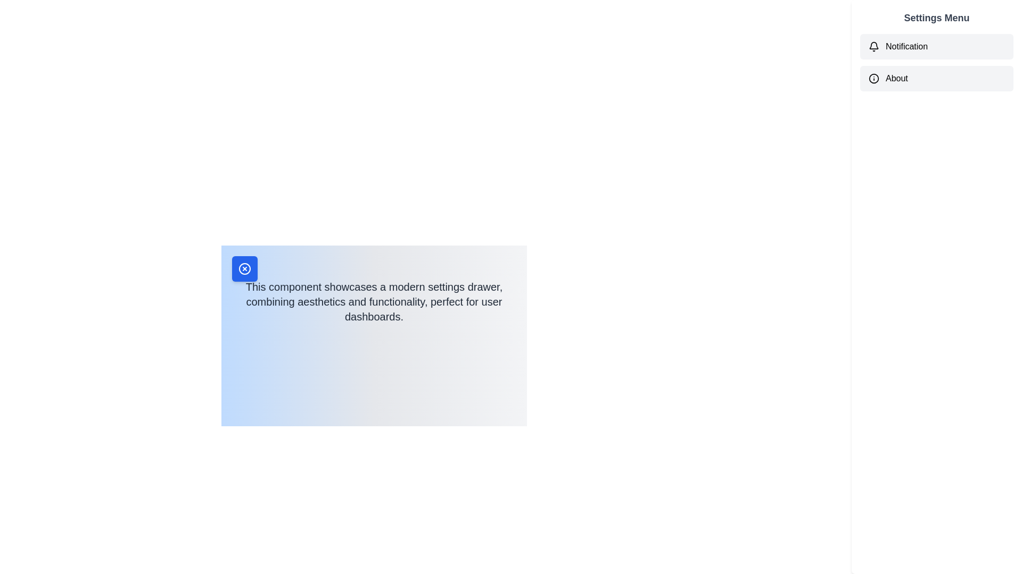  What do you see at coordinates (374, 293) in the screenshot?
I see `the text block containing the description 'This component showcases a modern settings drawer, combining aesthetics and functionality, perfect for user dashboards.'` at bounding box center [374, 293].